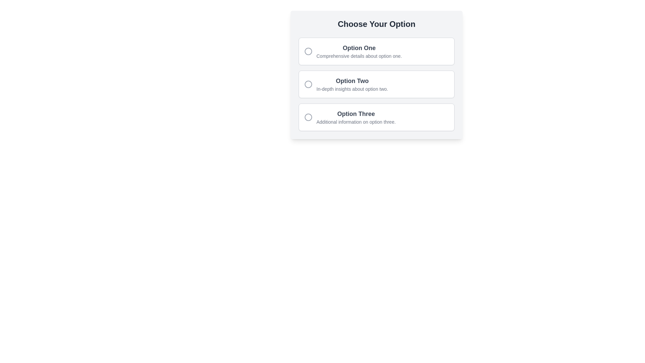 This screenshot has width=645, height=363. Describe the element at coordinates (308, 84) in the screenshot. I see `the radio button indicator for the second option, located to the left of the text 'Option Two'` at that location.